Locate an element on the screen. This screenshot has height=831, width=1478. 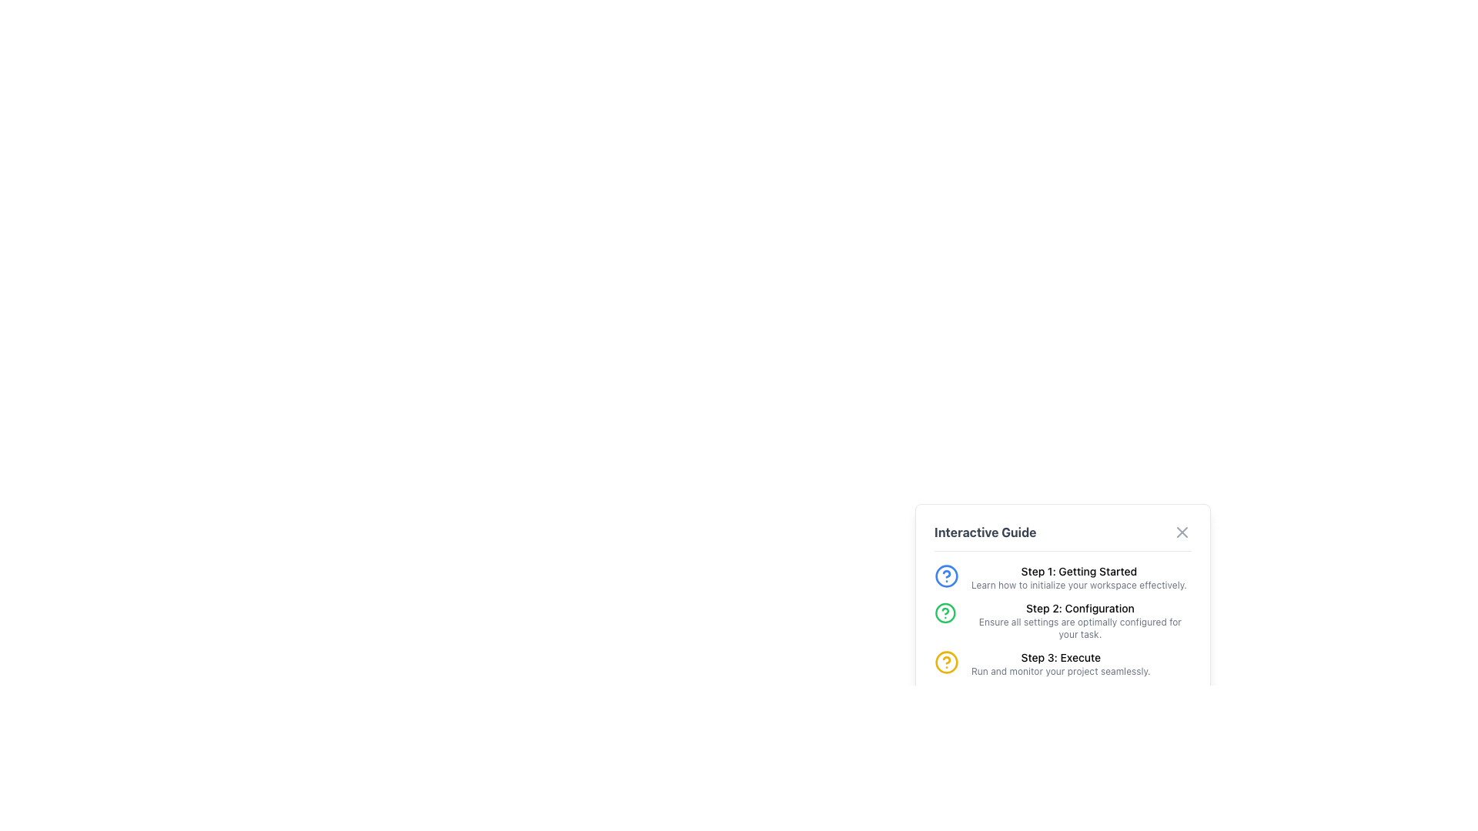
the text label displaying 'Run and monitor your project seamlessly.' located beneath the title 'Step 3: Execute' in the Interactive Guide panel is located at coordinates (1060, 670).